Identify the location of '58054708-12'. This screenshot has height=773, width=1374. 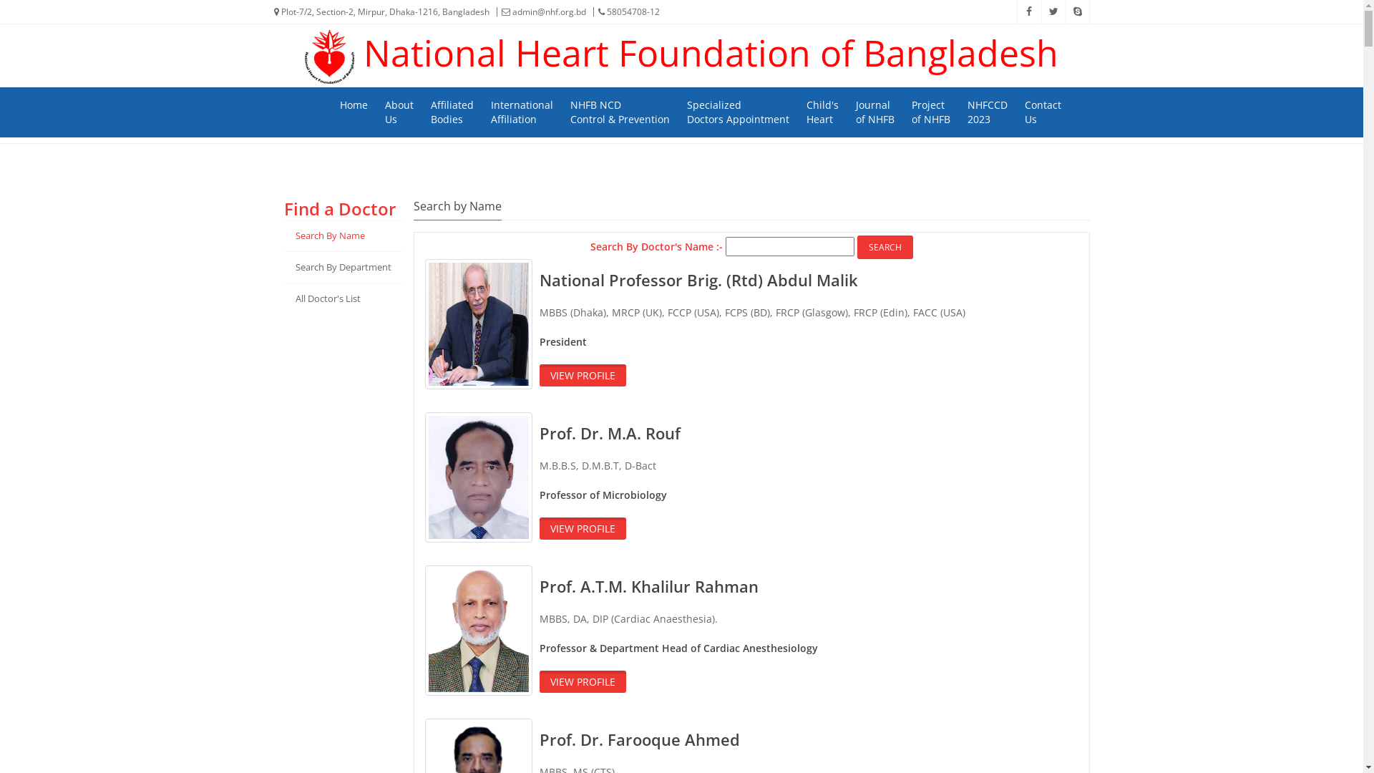
(623, 11).